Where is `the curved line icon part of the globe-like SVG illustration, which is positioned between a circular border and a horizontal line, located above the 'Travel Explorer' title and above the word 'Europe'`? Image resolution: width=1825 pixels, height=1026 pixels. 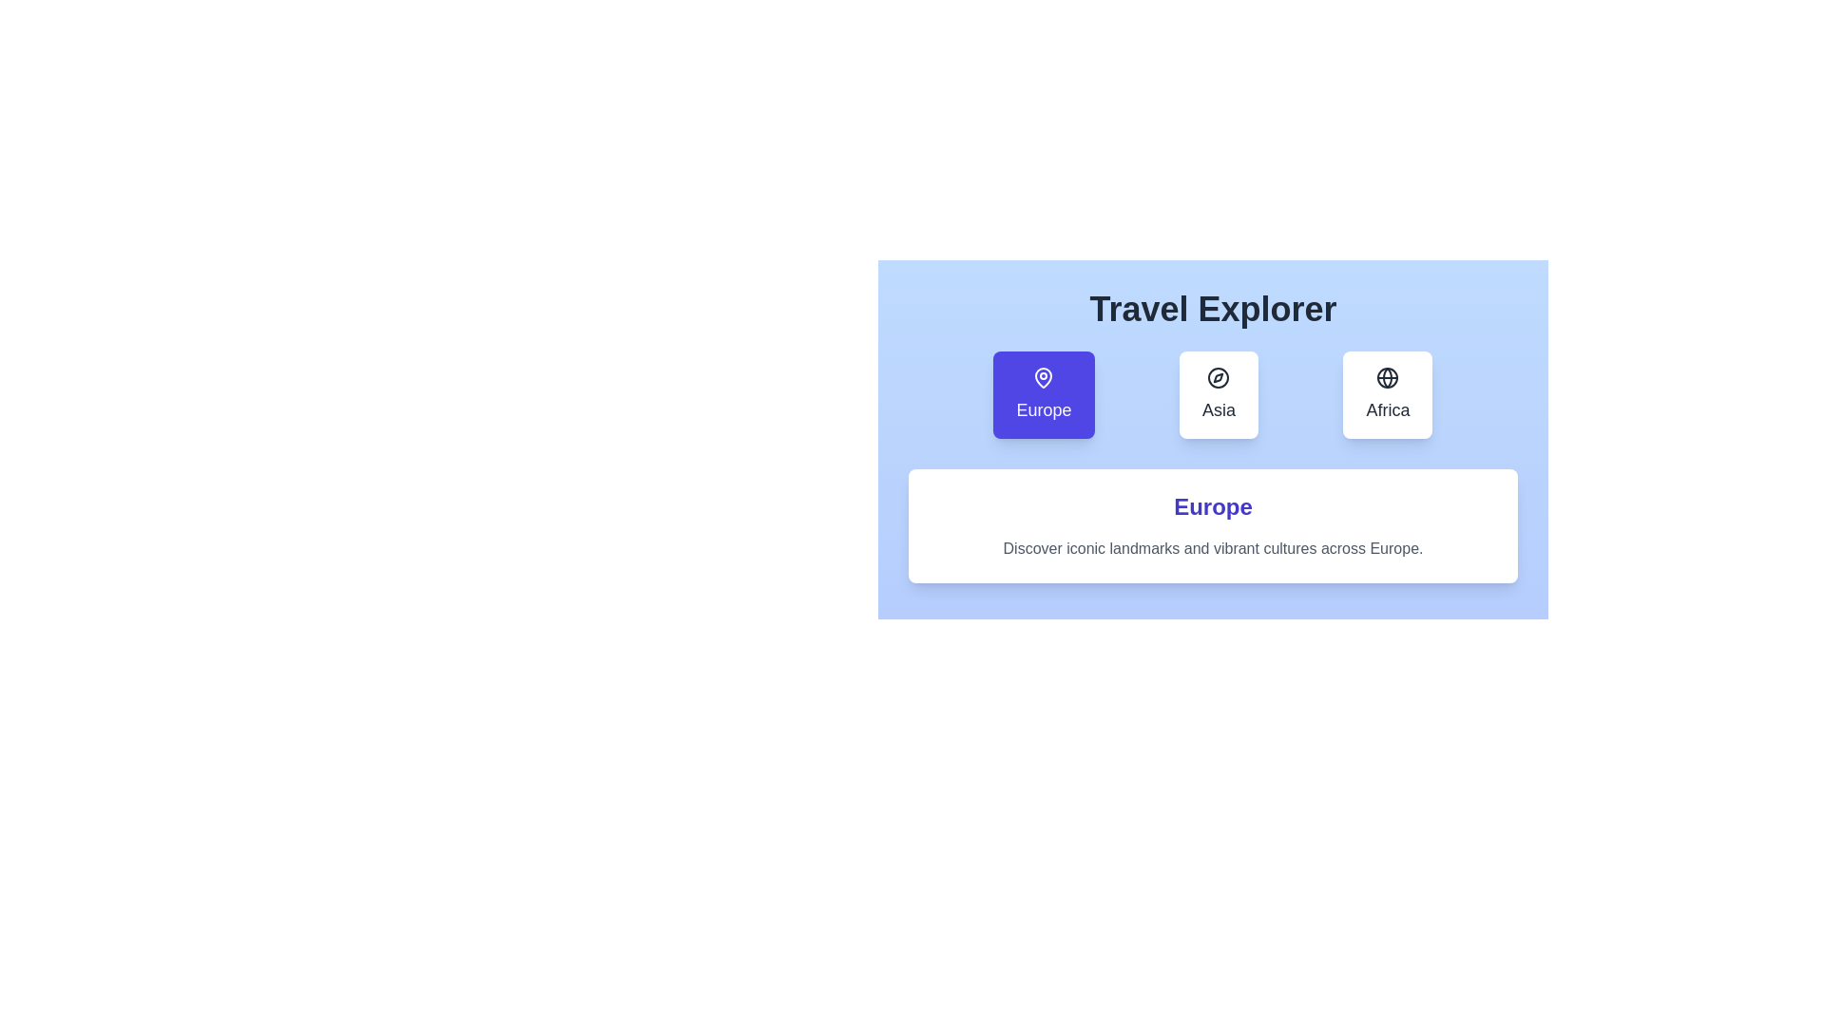 the curved line icon part of the globe-like SVG illustration, which is positioned between a circular border and a horizontal line, located above the 'Travel Explorer' title and above the word 'Europe' is located at coordinates (1388, 377).